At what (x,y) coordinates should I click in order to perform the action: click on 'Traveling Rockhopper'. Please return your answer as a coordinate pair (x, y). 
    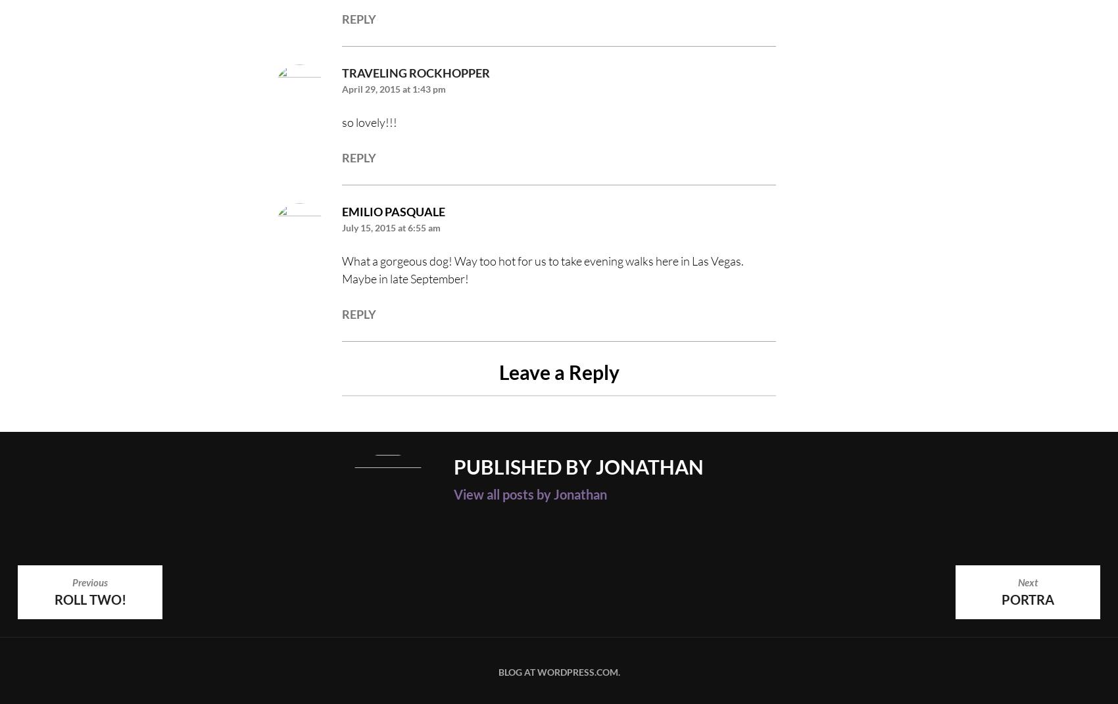
    Looking at the image, I should click on (342, 72).